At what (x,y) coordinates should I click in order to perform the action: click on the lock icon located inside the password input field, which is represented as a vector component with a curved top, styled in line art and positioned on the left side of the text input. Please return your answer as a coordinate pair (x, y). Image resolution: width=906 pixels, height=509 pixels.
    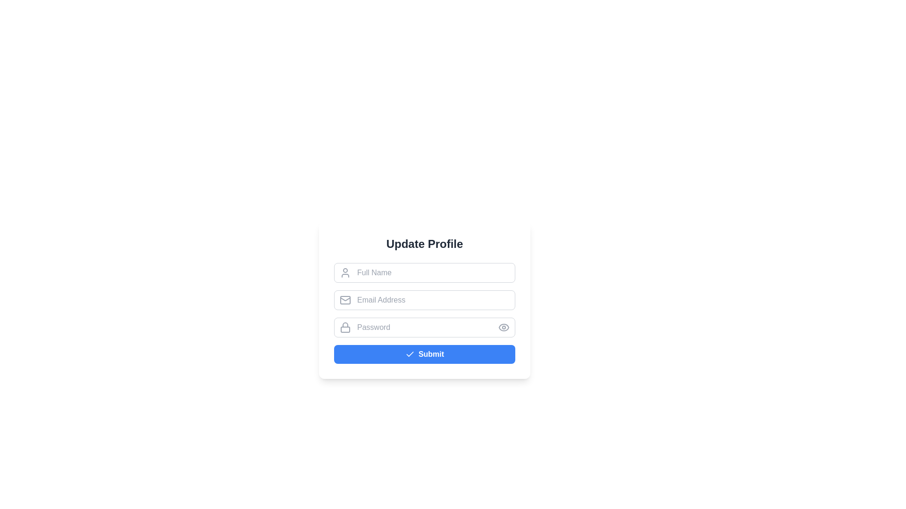
    Looking at the image, I should click on (344, 324).